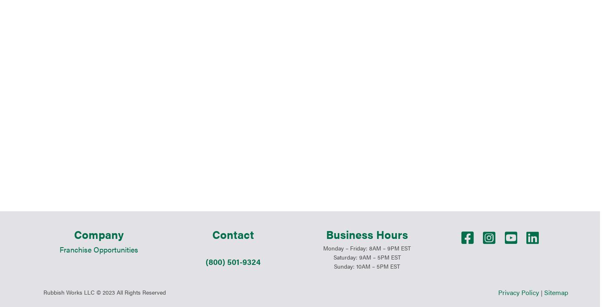 The image size is (605, 307). What do you see at coordinates (367, 183) in the screenshot?
I see `'Sunday: 10AM – 5PM EST'` at bounding box center [367, 183].